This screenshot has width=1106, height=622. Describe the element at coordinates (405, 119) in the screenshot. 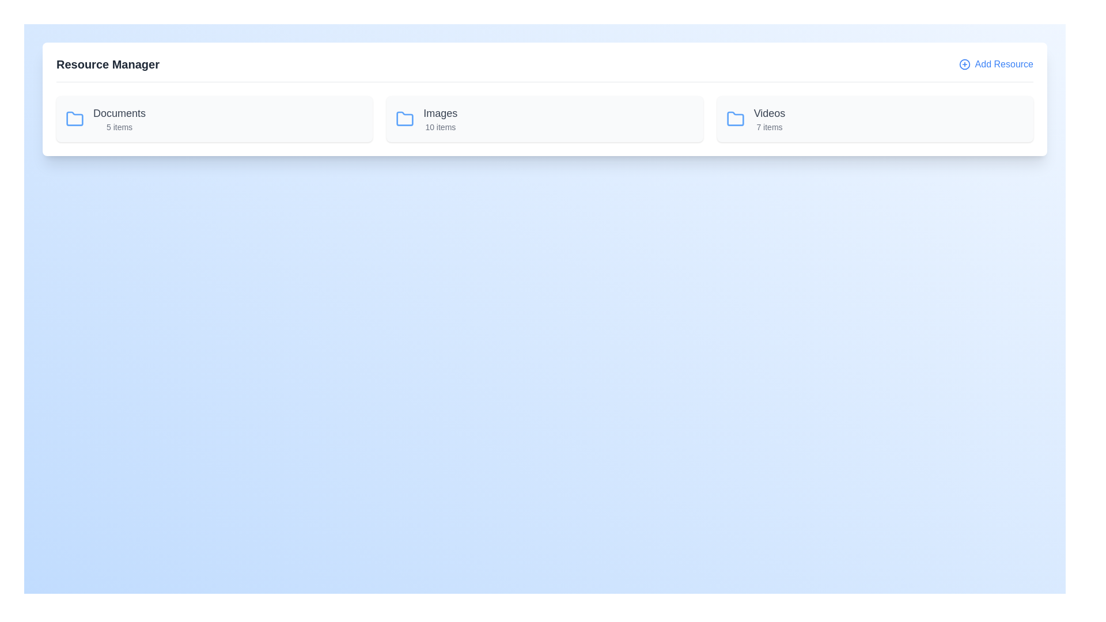

I see `the folder icon with a blue outline located in the second position of the 'Images' card` at that location.